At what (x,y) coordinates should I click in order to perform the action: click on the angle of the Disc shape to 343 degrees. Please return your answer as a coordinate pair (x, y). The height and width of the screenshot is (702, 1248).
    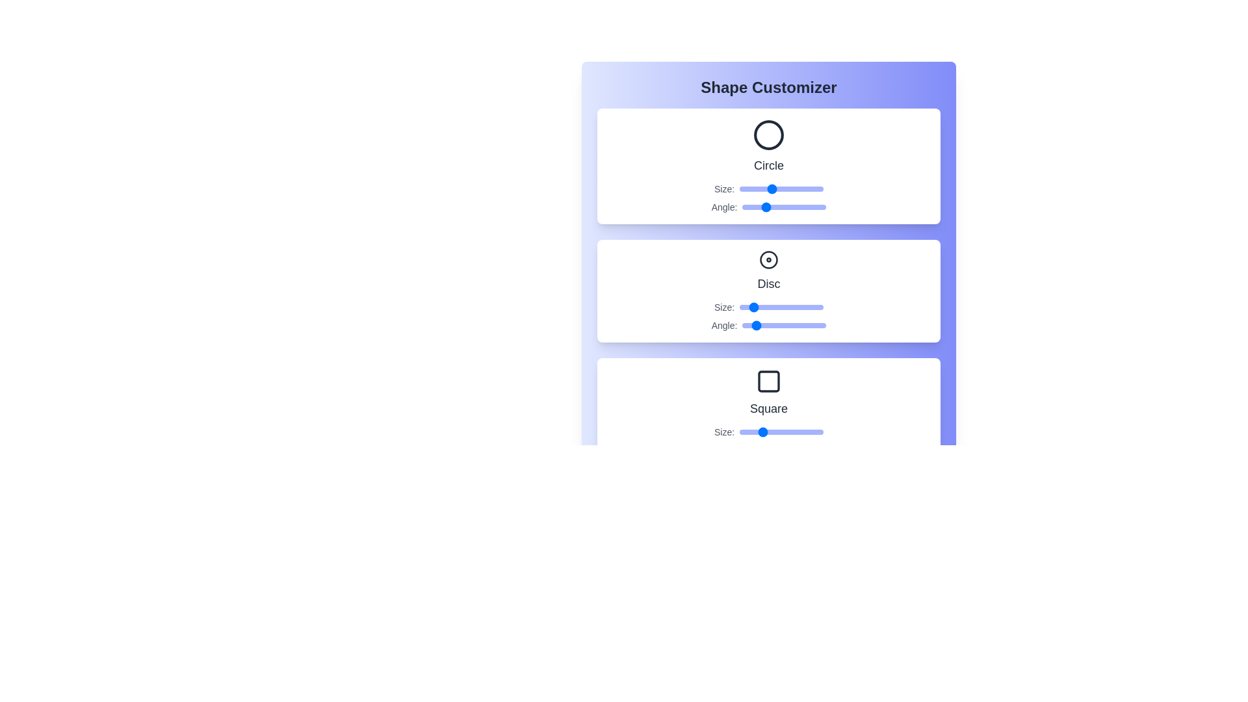
    Looking at the image, I should click on (822, 325).